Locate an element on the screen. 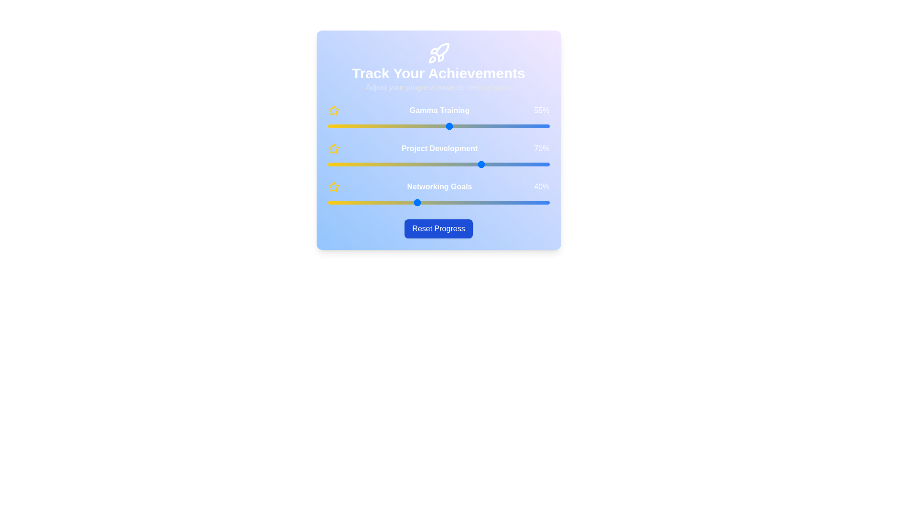  the 'Networking Goals' slider to 68% is located at coordinates (479, 202).